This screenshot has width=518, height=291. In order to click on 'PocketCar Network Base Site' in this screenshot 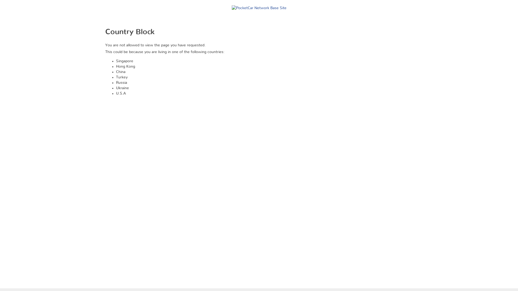, I will do `click(231, 5)`.